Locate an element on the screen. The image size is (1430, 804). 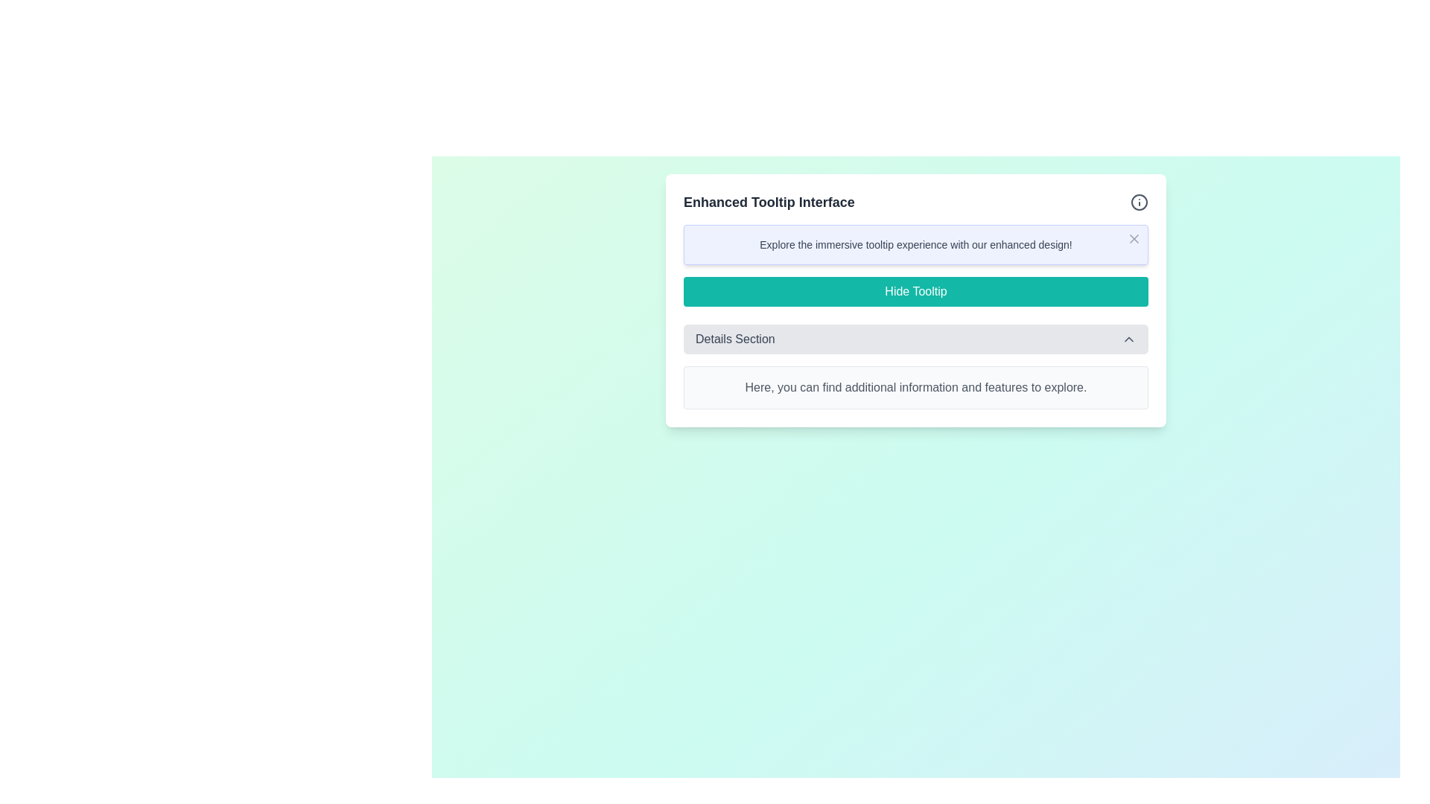
the button that closes or hides the tooltip interface in the modal box, located below the information box and above the details section is located at coordinates (915, 301).